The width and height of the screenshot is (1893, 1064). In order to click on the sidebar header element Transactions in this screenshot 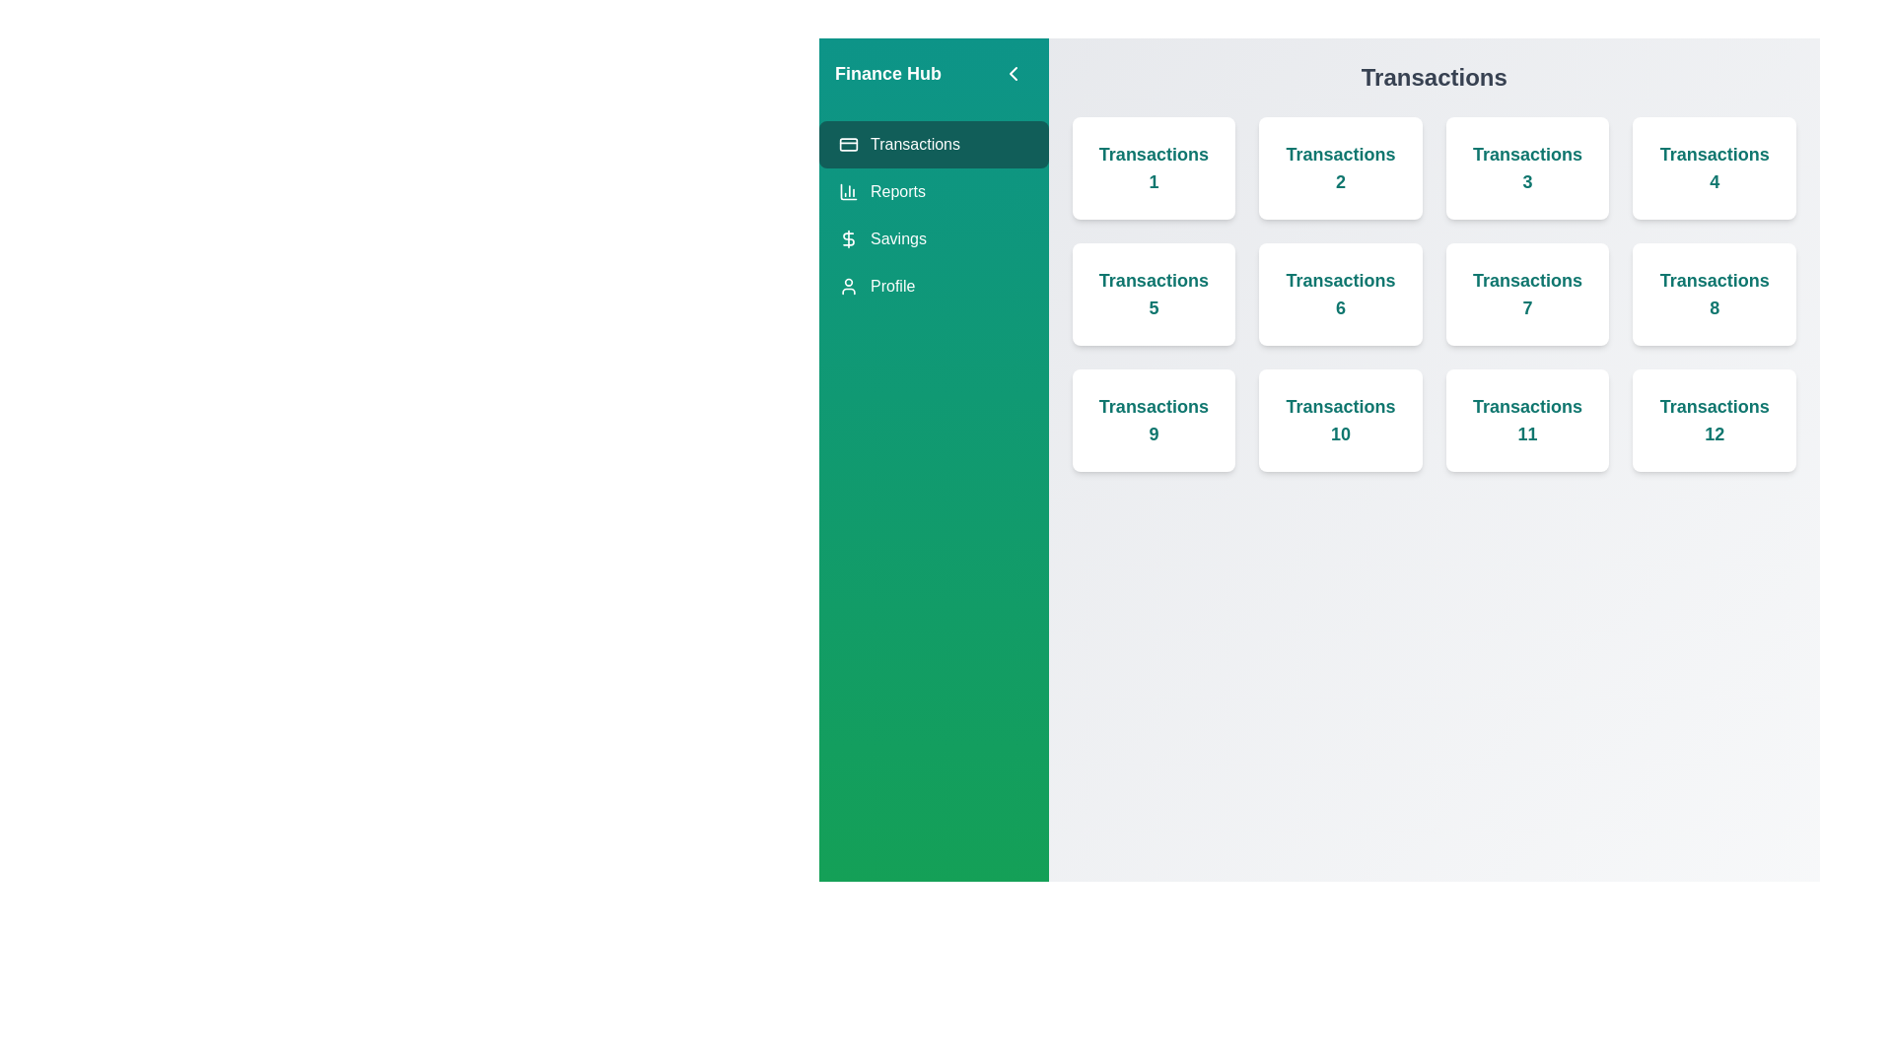, I will do `click(933, 143)`.